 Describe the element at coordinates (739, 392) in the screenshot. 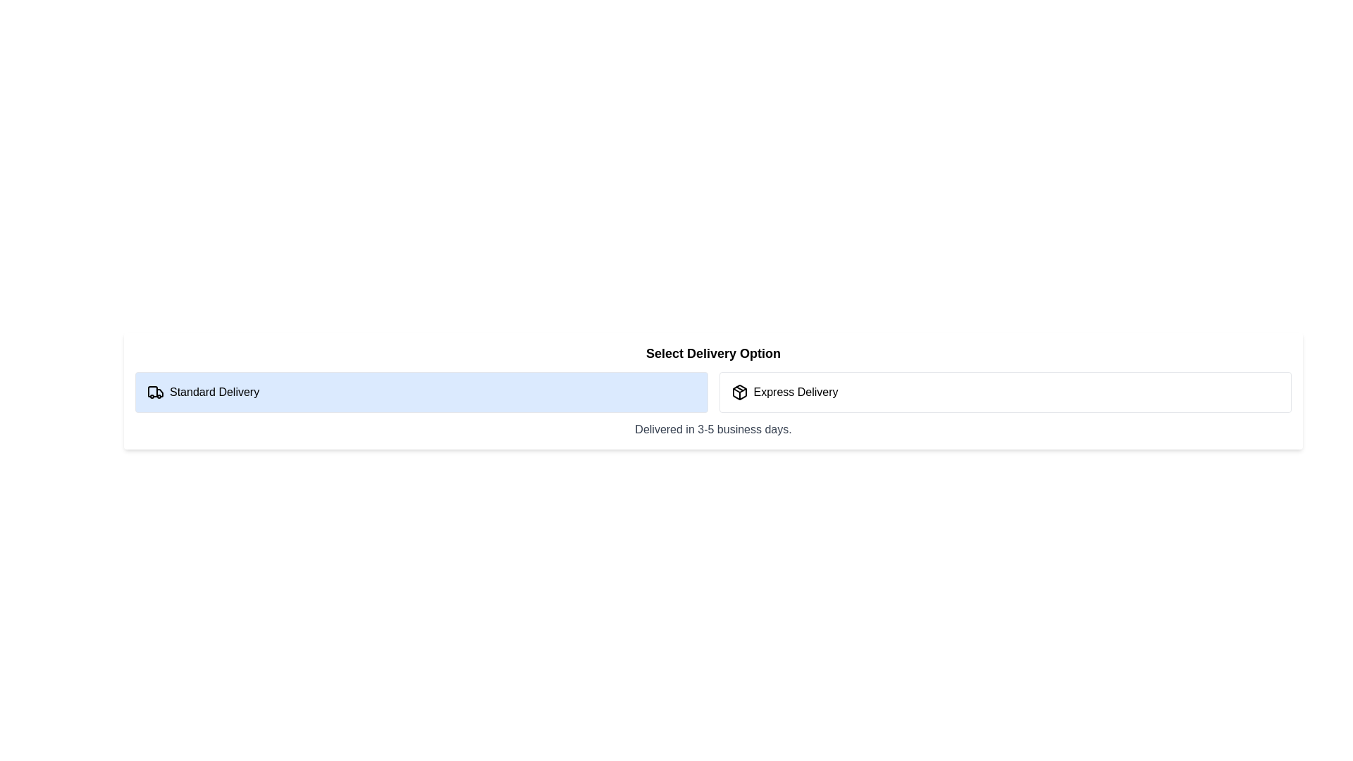

I see `the stylized graphic icon resembling a package or box within the 'Express Delivery' option` at that location.